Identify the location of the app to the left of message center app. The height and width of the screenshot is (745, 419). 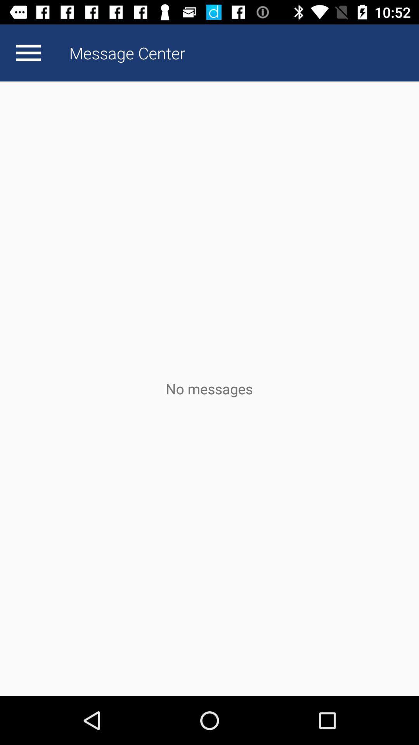
(28, 52).